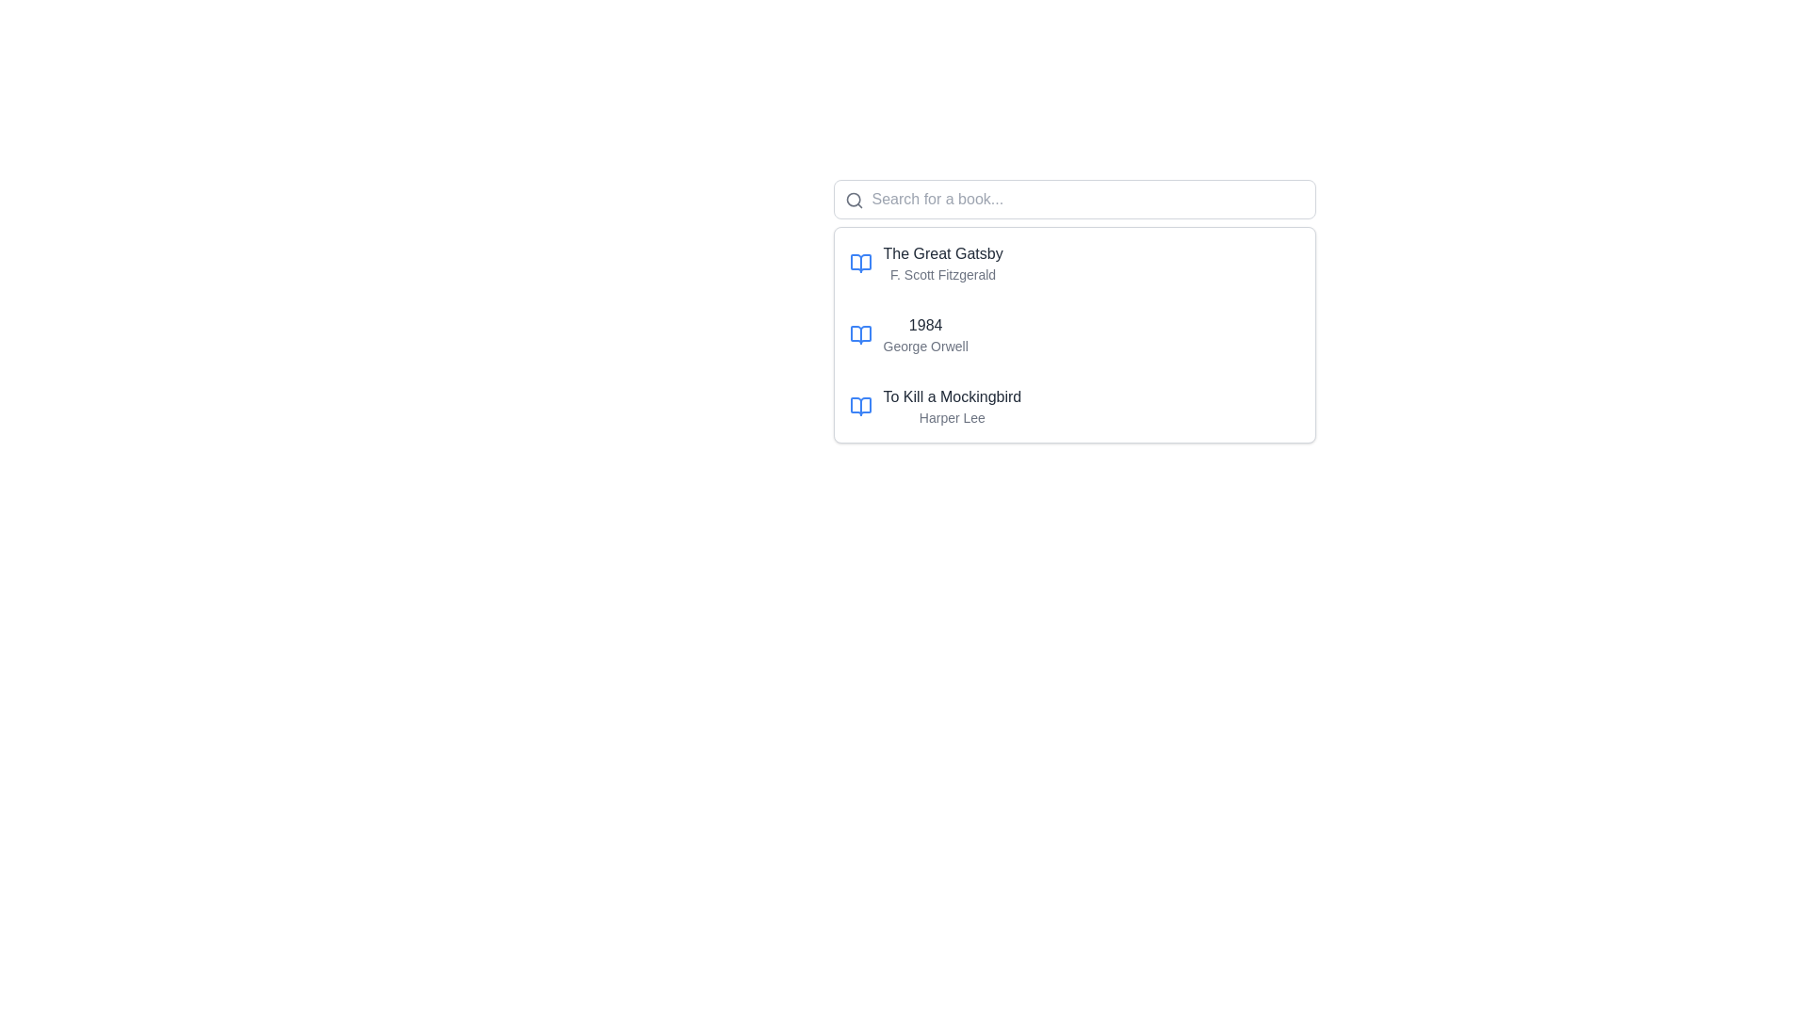 This screenshot has height=1017, width=1809. What do you see at coordinates (952, 416) in the screenshot?
I see `the text label displaying 'Harper Lee', which is located below the title 'To Kill a Mockingbird' in the vertical list of books` at bounding box center [952, 416].